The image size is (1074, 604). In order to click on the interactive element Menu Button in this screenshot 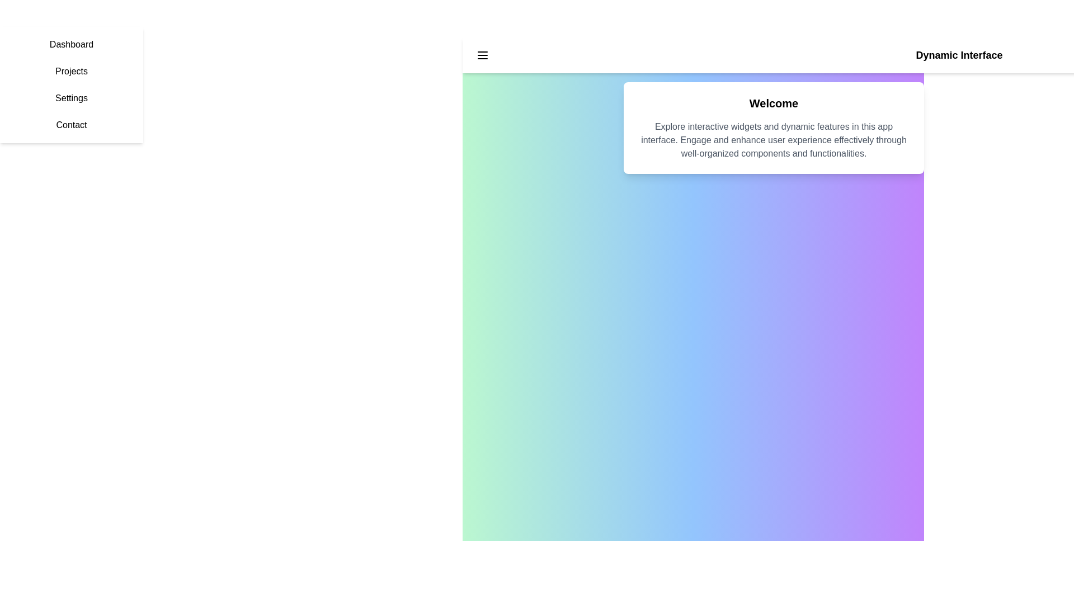, I will do `click(483, 55)`.